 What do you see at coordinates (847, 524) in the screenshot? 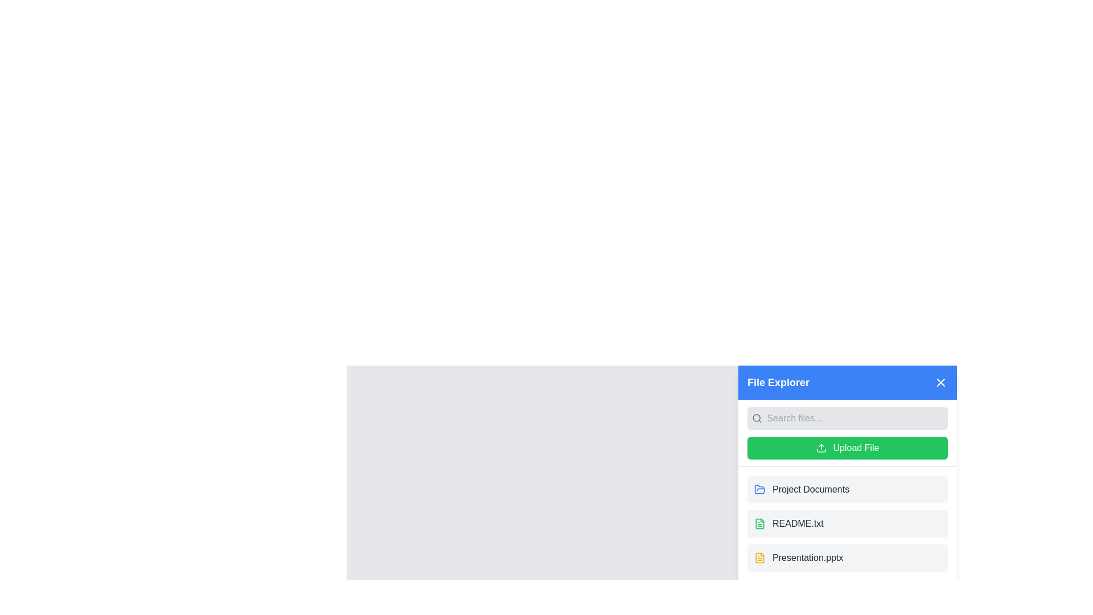
I see `the file entry labeled 'README.txt' in the file explorer interface` at bounding box center [847, 524].